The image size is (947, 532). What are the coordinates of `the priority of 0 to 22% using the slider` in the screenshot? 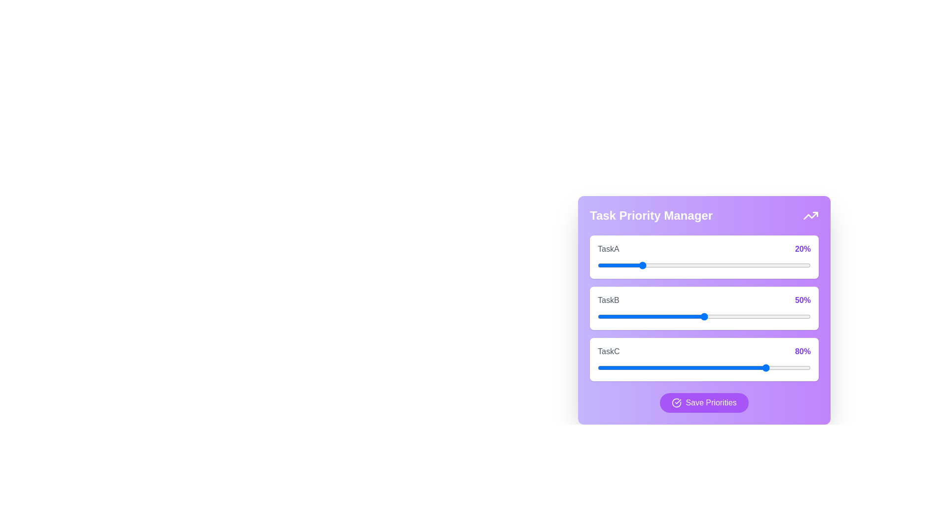 It's located at (644, 265).